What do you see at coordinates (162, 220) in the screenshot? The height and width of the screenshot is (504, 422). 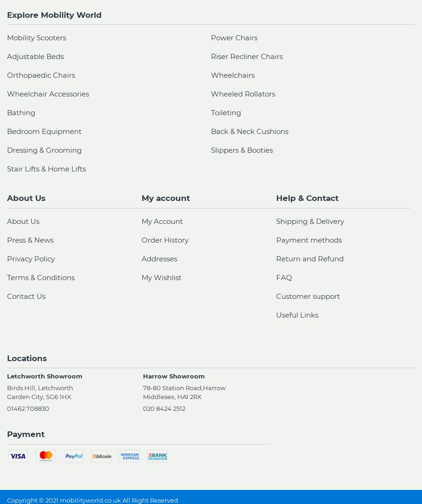 I see `'My Account'` at bounding box center [162, 220].